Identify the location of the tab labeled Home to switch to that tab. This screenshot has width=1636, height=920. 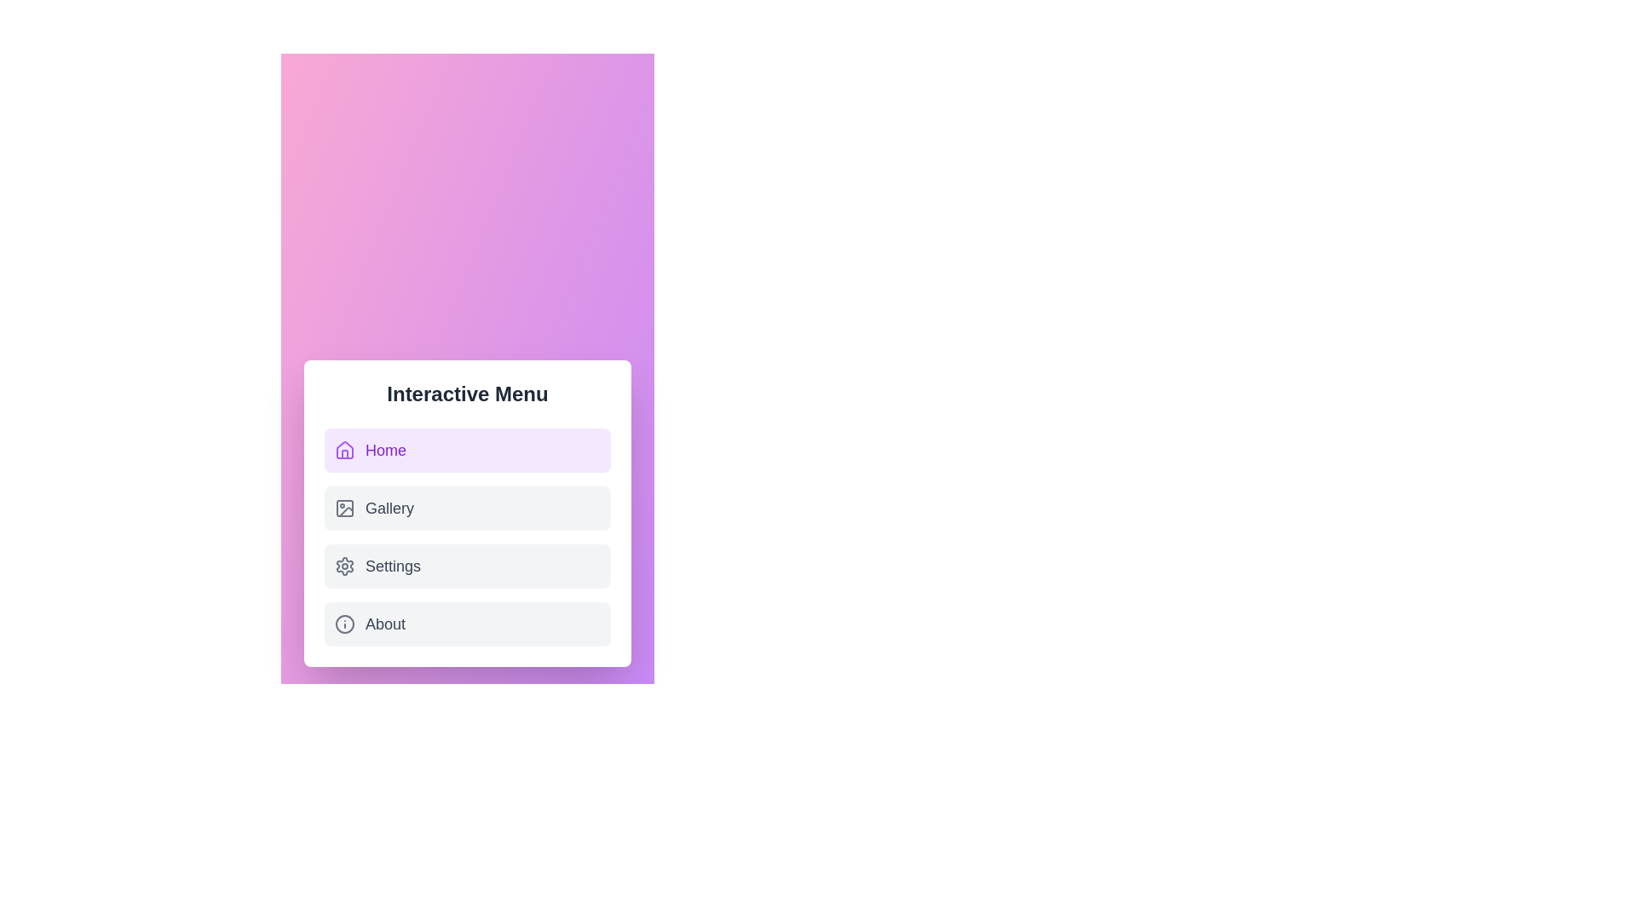
(467, 449).